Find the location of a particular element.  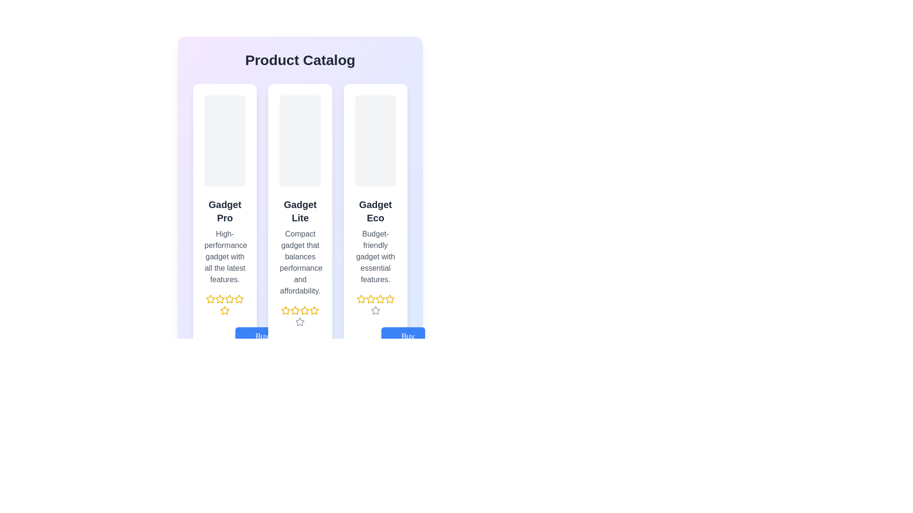

text block labeled 'Gadget Lite' which is prominently displayed in bold dark gray within the central product card, located below the placeholder image and above descriptive text is located at coordinates (300, 210).